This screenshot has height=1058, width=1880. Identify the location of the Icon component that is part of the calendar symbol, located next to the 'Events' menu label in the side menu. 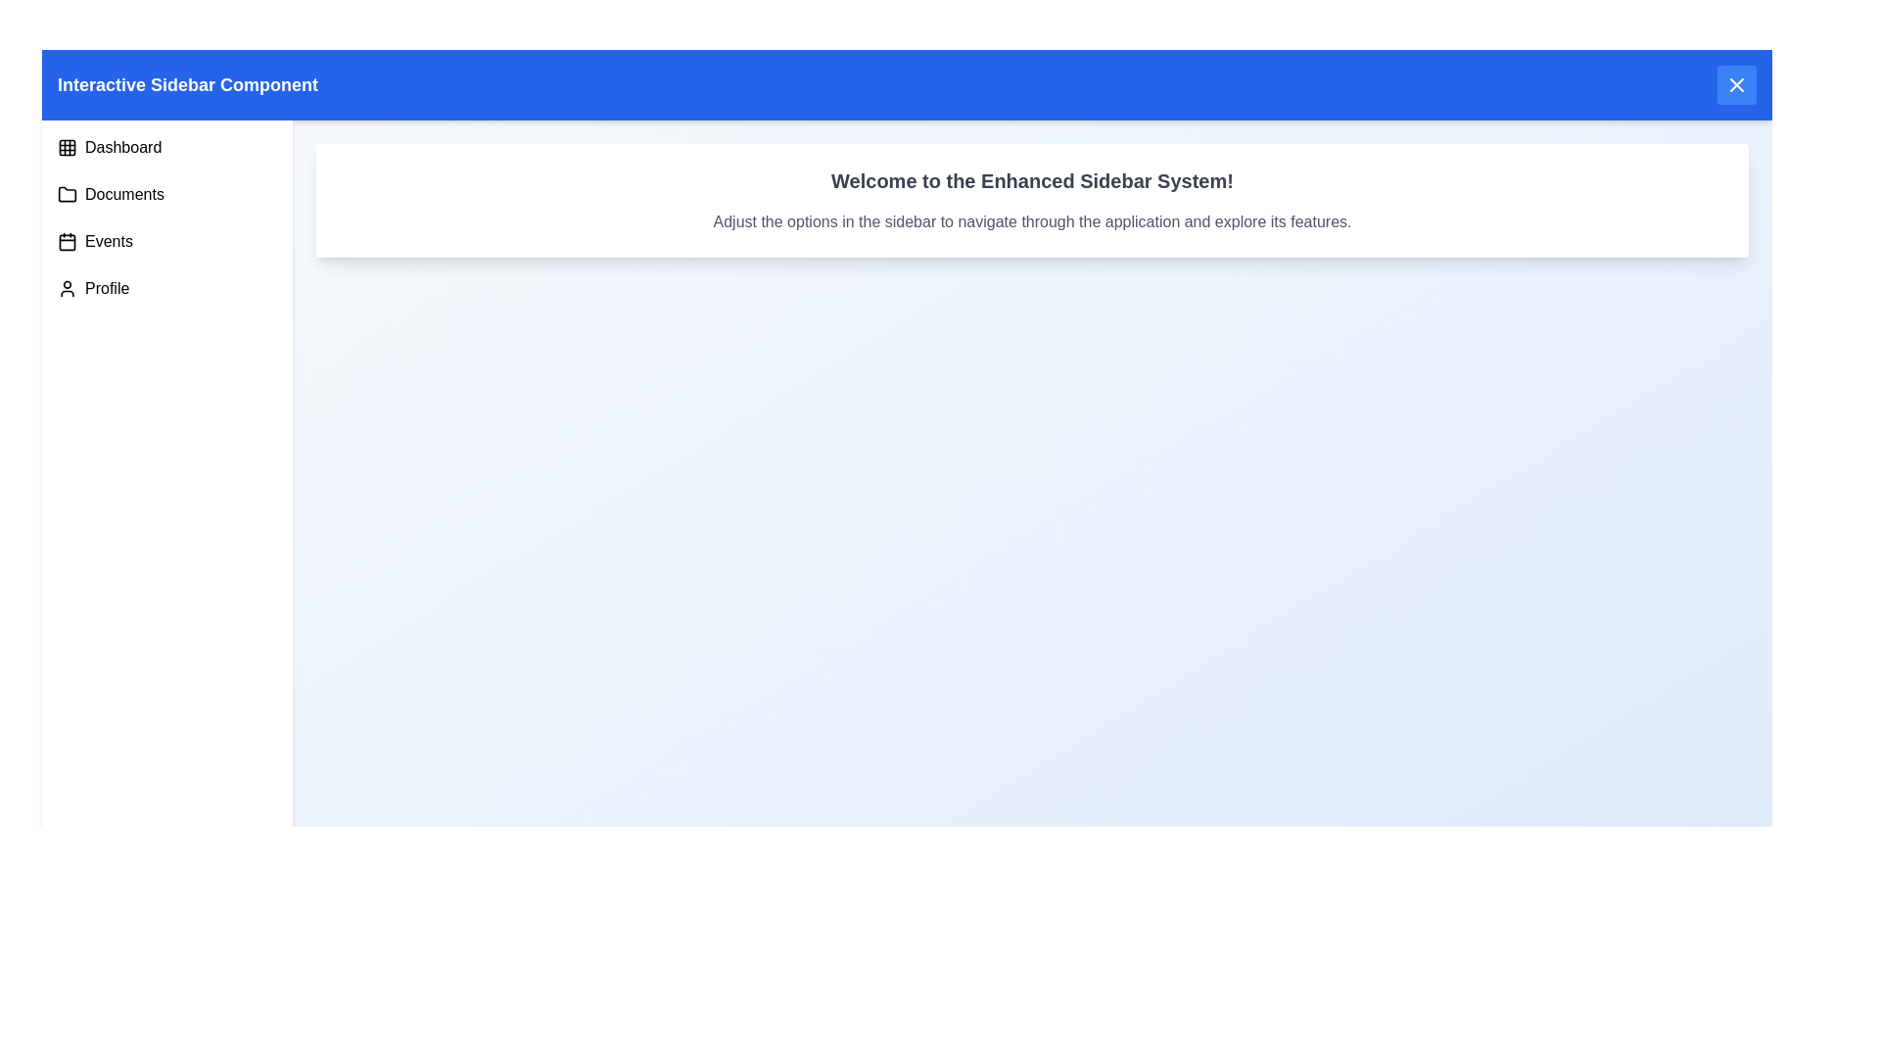
(67, 240).